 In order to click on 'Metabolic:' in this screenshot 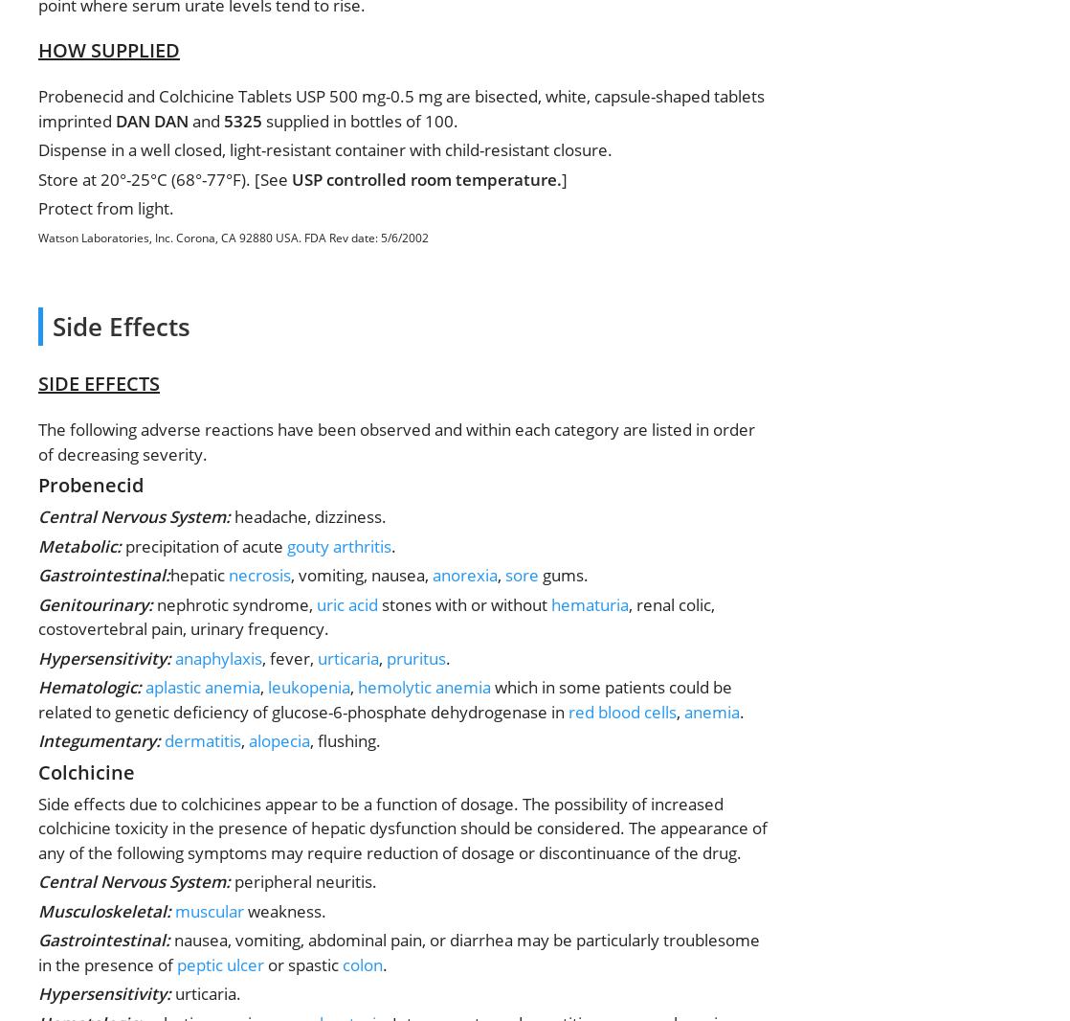, I will do `click(79, 544)`.